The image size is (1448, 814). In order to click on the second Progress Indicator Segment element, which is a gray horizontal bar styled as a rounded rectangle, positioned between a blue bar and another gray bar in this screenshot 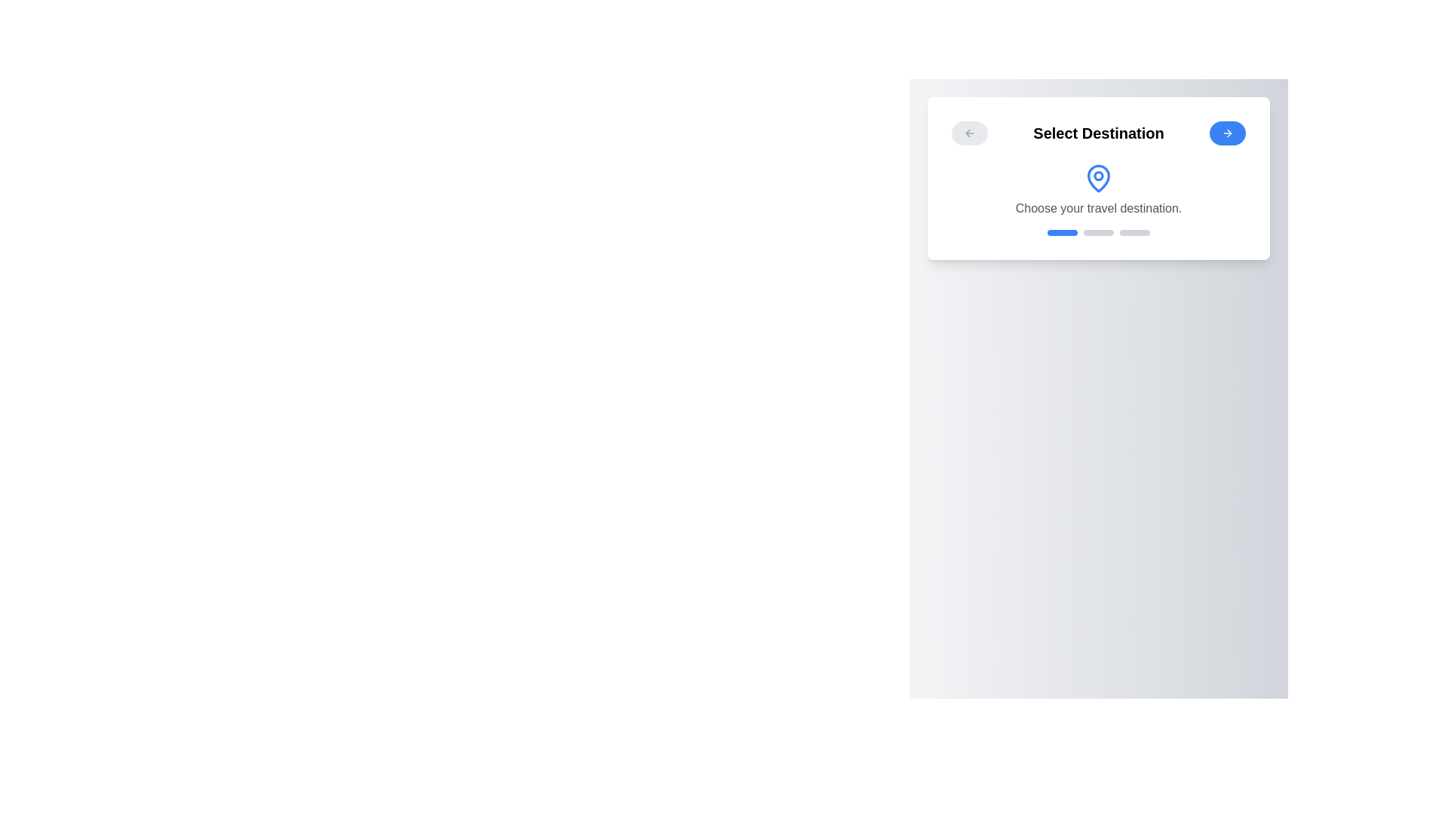, I will do `click(1099, 232)`.